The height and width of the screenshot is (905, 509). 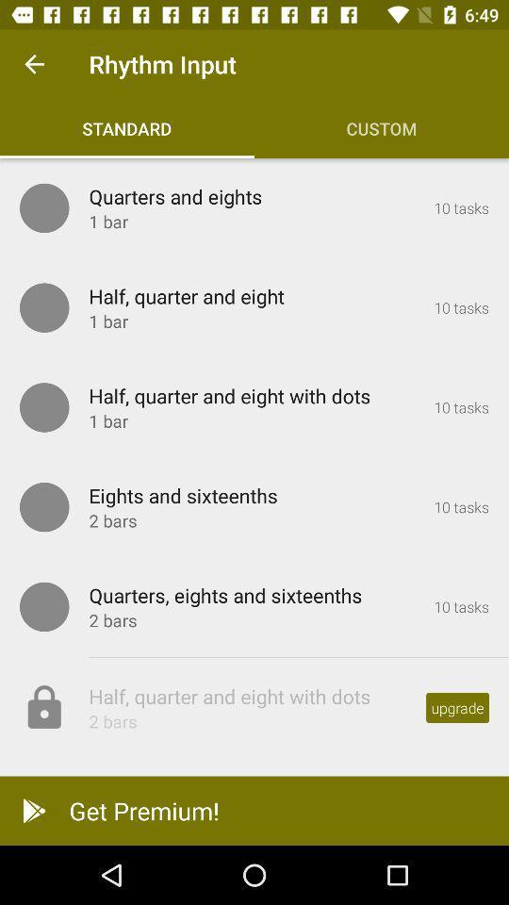 I want to click on get premium! item, so click(x=254, y=810).